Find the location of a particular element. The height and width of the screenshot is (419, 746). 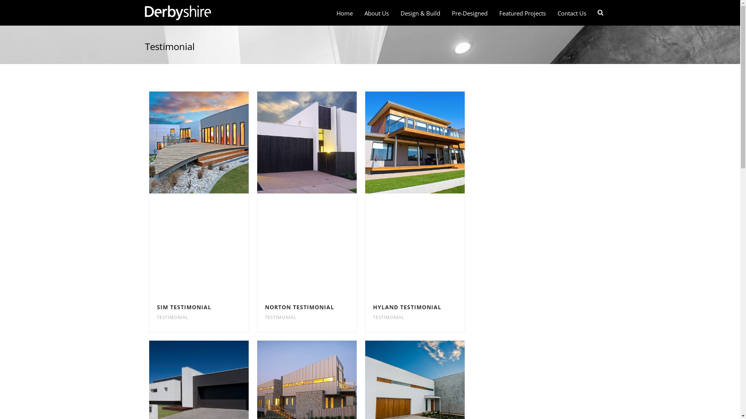

'Home' is located at coordinates (344, 13).